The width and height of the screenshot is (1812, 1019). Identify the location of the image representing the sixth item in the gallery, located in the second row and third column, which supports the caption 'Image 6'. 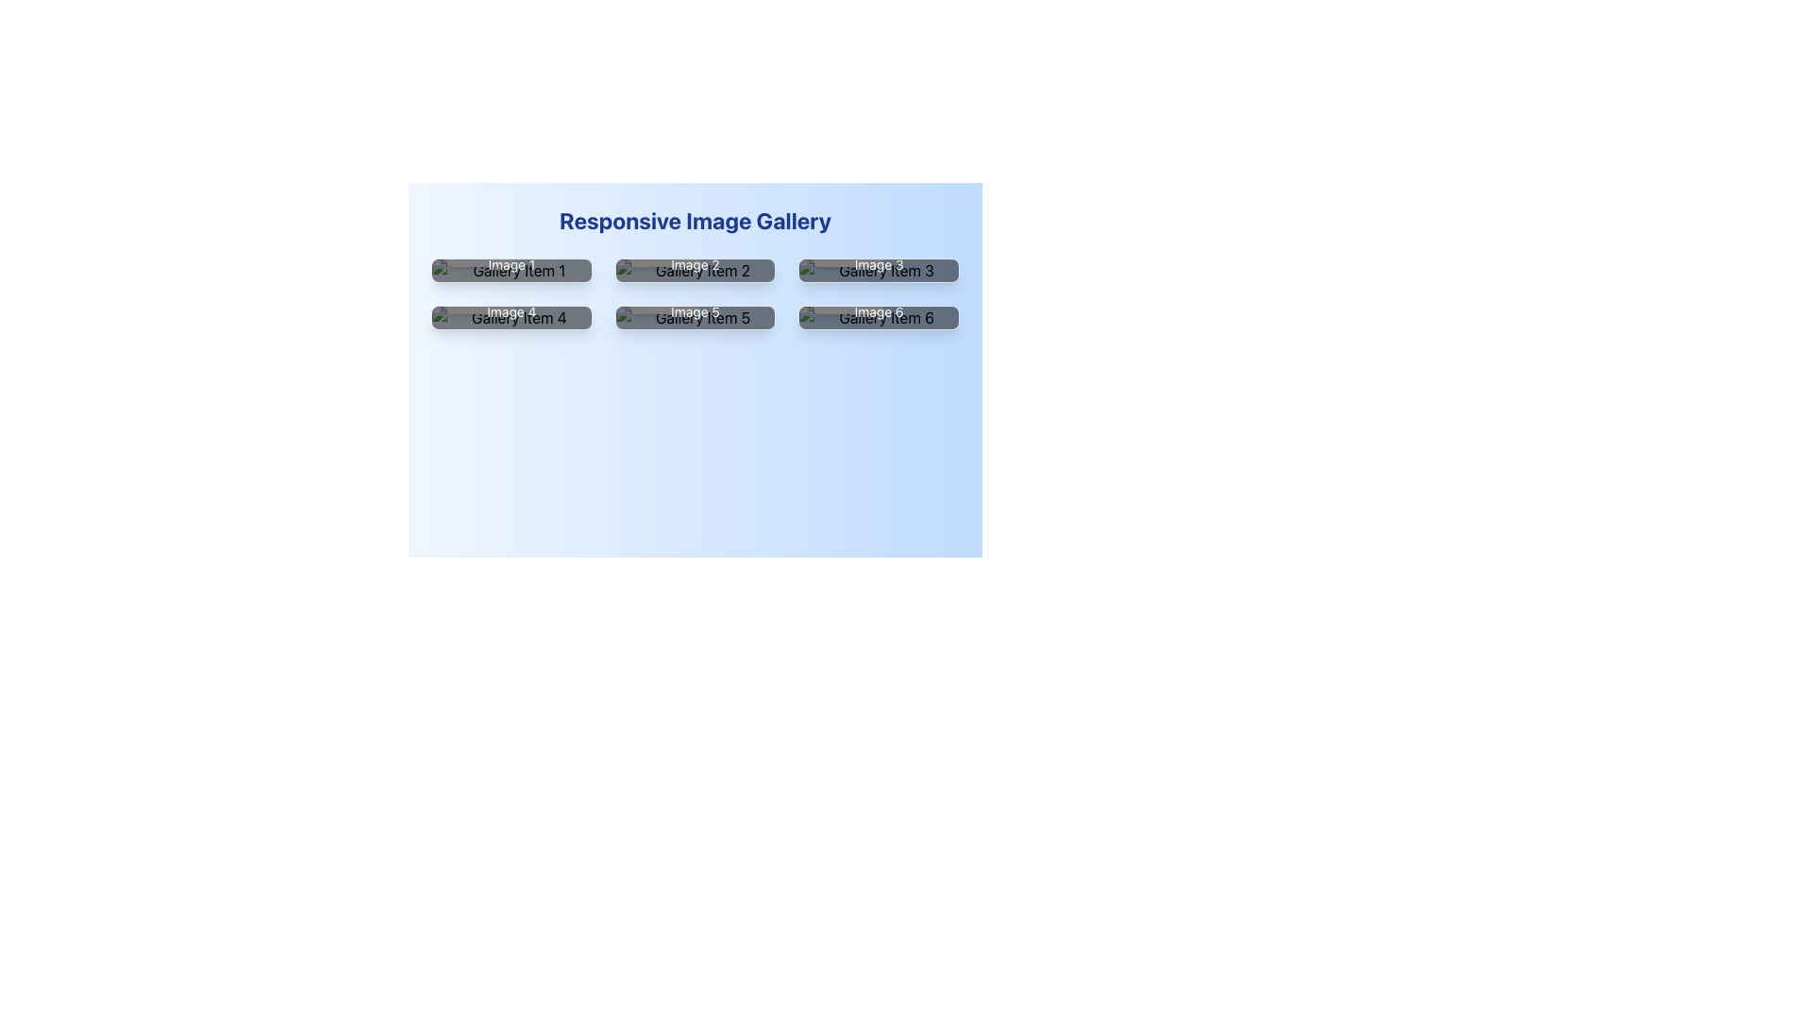
(878, 316).